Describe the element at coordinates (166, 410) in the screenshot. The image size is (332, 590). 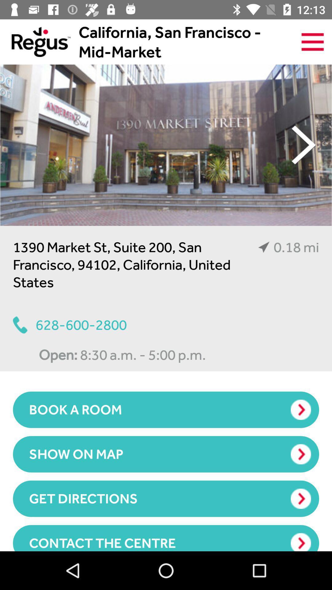
I see `the item above show on map item` at that location.